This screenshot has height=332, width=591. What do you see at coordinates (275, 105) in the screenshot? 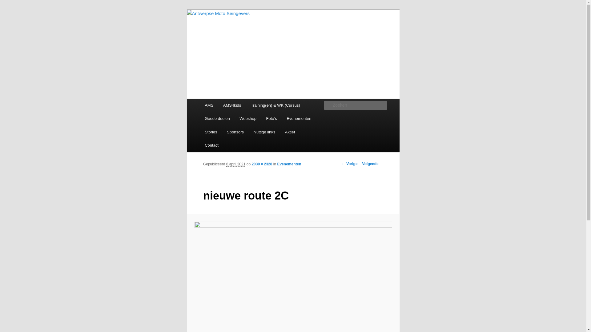
I see `'Training(en) & WK (Cursus)'` at bounding box center [275, 105].